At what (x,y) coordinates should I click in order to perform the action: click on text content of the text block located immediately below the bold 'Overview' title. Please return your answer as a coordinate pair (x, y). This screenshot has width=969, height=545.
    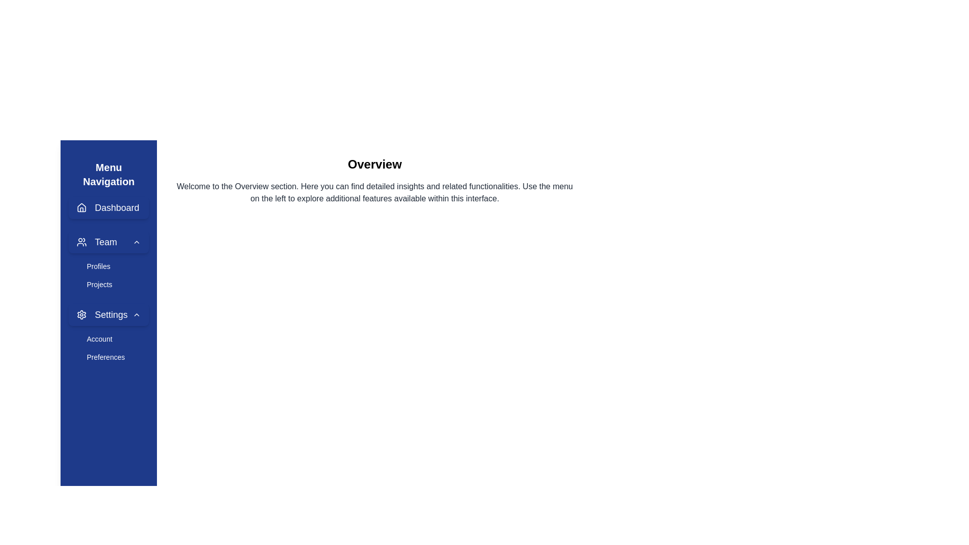
    Looking at the image, I should click on (374, 192).